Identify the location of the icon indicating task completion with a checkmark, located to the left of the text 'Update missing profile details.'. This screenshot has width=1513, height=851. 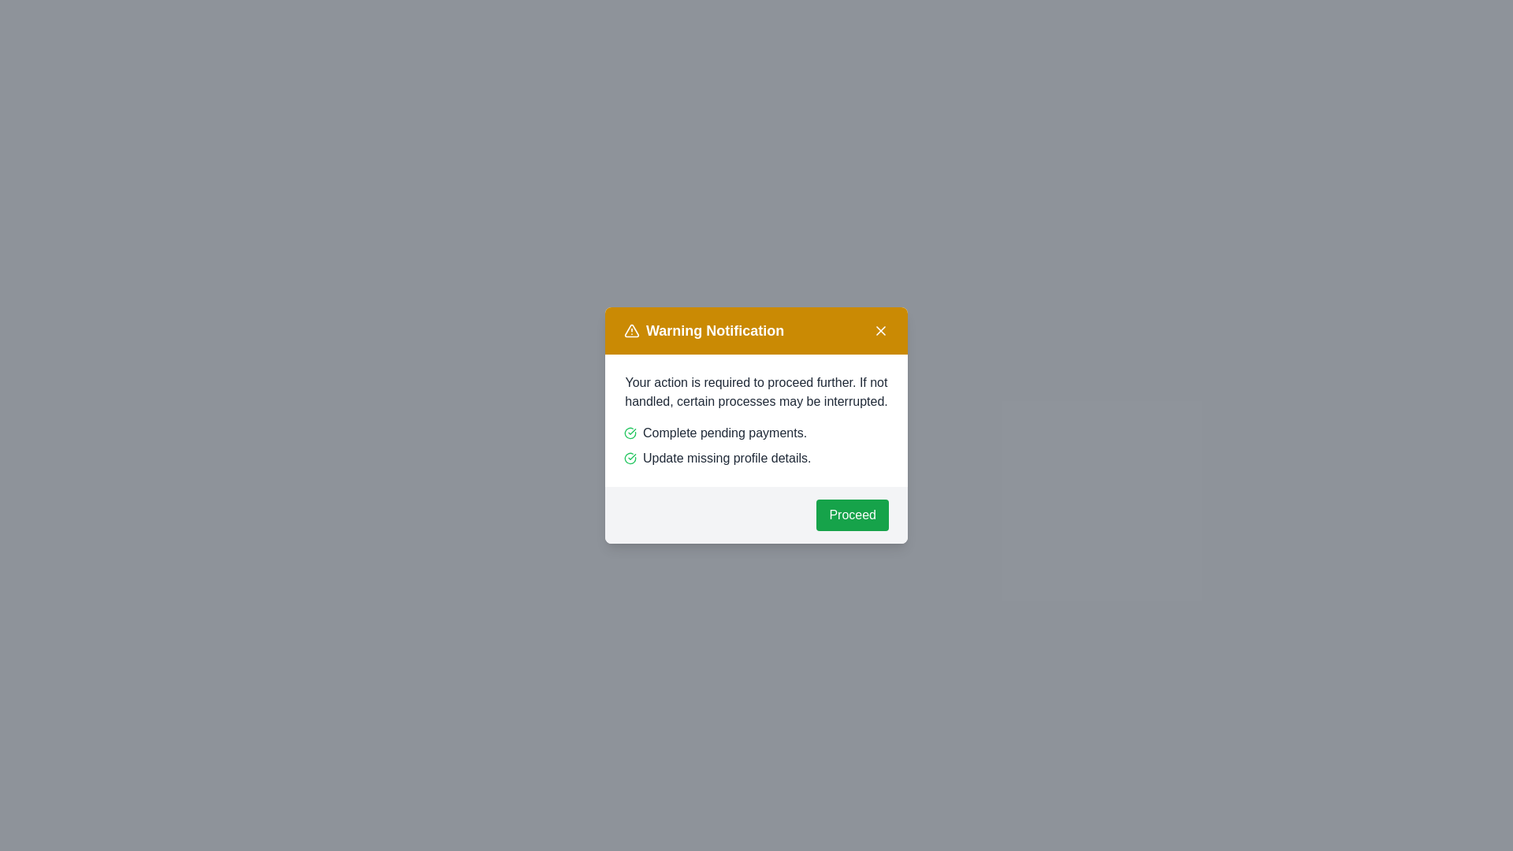
(630, 459).